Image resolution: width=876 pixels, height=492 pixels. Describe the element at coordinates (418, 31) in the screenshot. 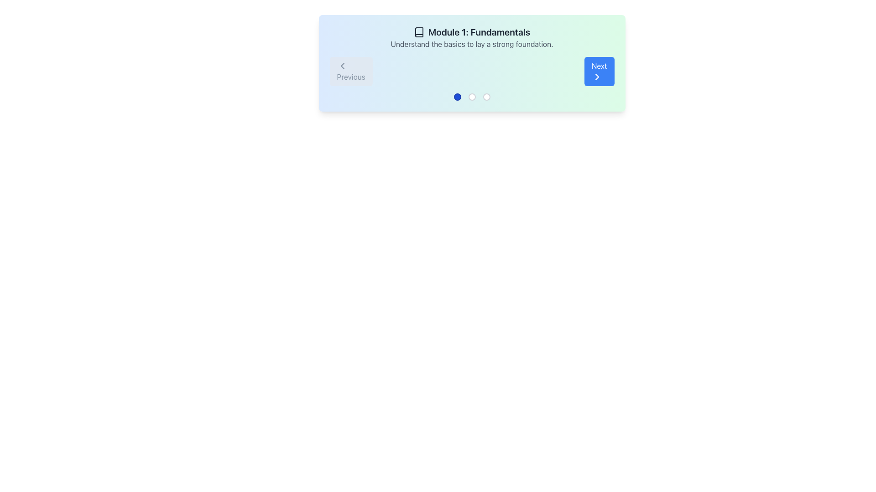

I see `the icon representing 'Module 1: Fundamentals' for additional interaction` at that location.